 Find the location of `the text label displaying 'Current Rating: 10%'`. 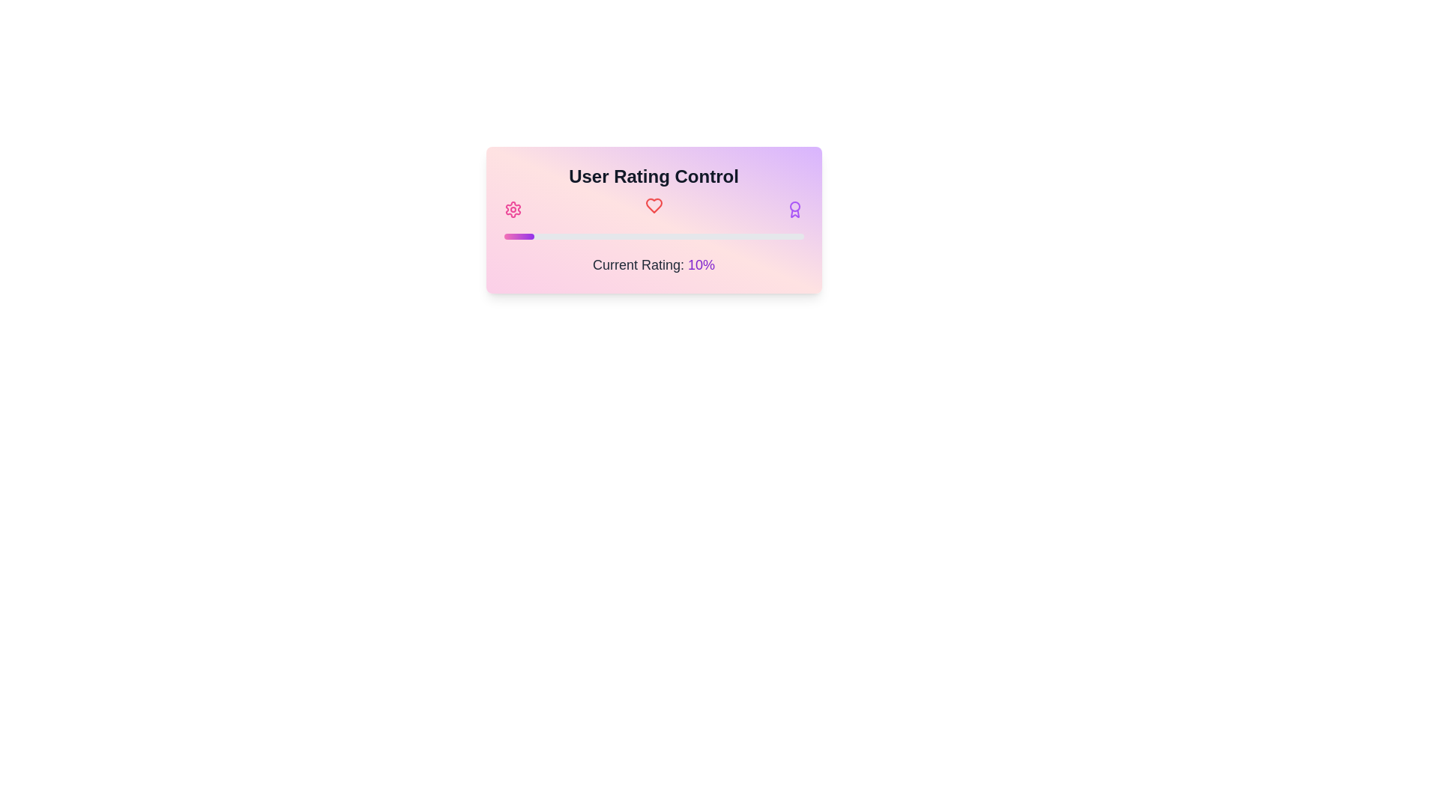

the text label displaying 'Current Rating: 10%' is located at coordinates (654, 264).